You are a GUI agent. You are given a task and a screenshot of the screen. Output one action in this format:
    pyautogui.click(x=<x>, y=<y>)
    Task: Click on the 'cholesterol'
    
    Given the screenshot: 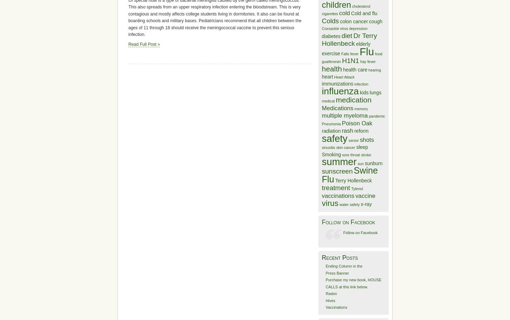 What is the action you would take?
    pyautogui.click(x=361, y=5)
    